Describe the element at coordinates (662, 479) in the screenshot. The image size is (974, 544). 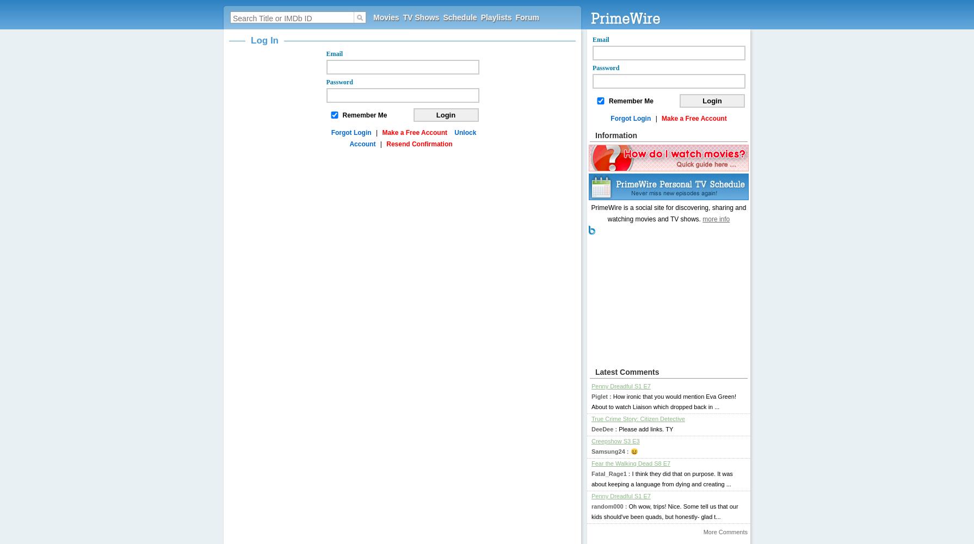
I see `'I think they did that on purpose. It was about keeping a language from dying and creating ...'` at that location.